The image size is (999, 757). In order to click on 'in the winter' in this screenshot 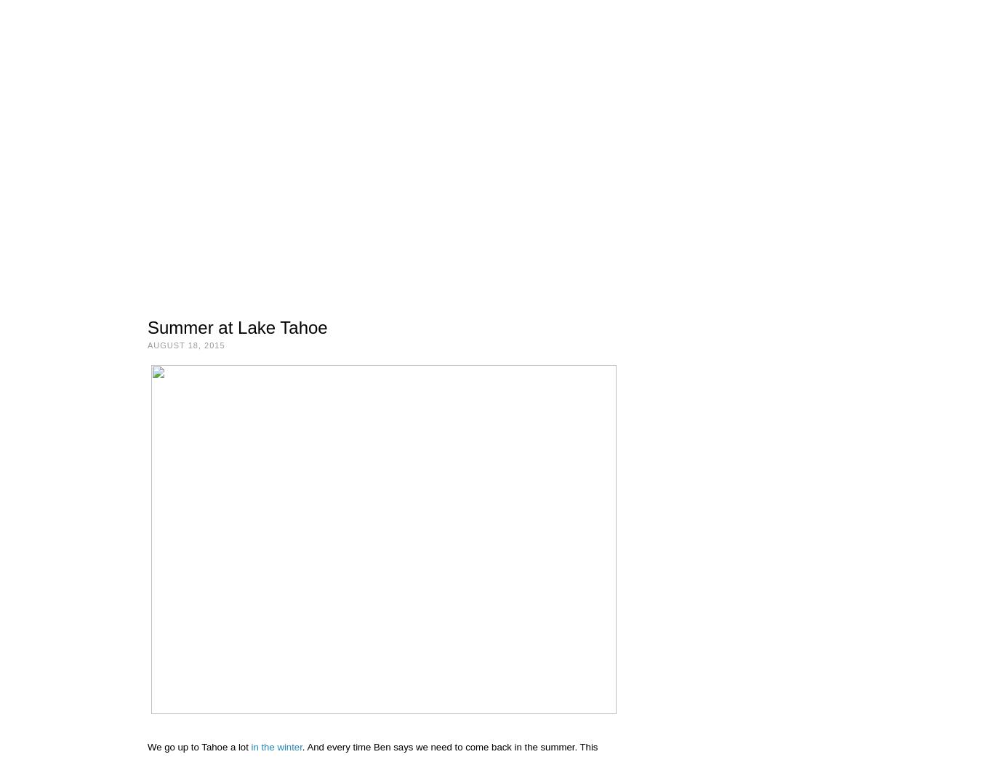, I will do `click(276, 747)`.